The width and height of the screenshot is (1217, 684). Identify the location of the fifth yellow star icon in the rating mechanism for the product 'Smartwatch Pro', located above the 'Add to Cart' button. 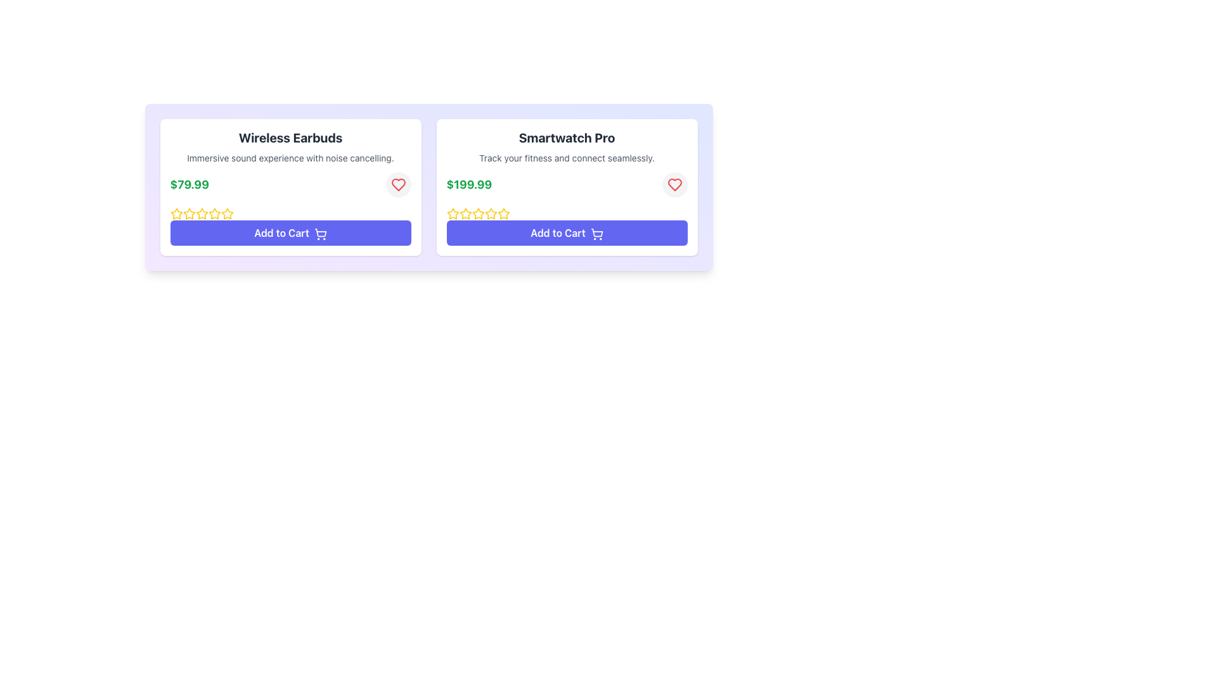
(490, 213).